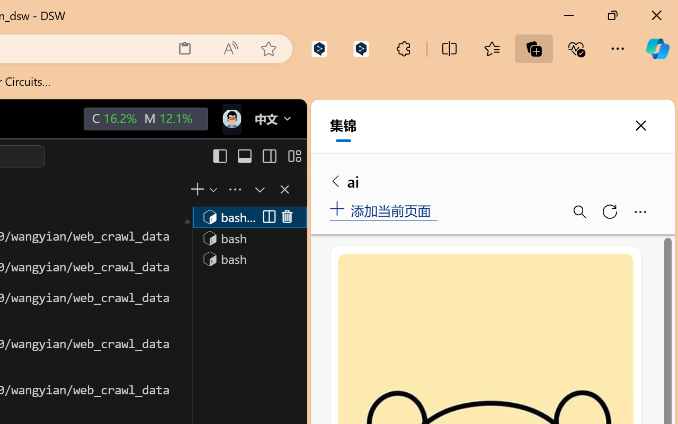  What do you see at coordinates (657, 48) in the screenshot?
I see `'Copilot (Ctrl+Shift+.)'` at bounding box center [657, 48].